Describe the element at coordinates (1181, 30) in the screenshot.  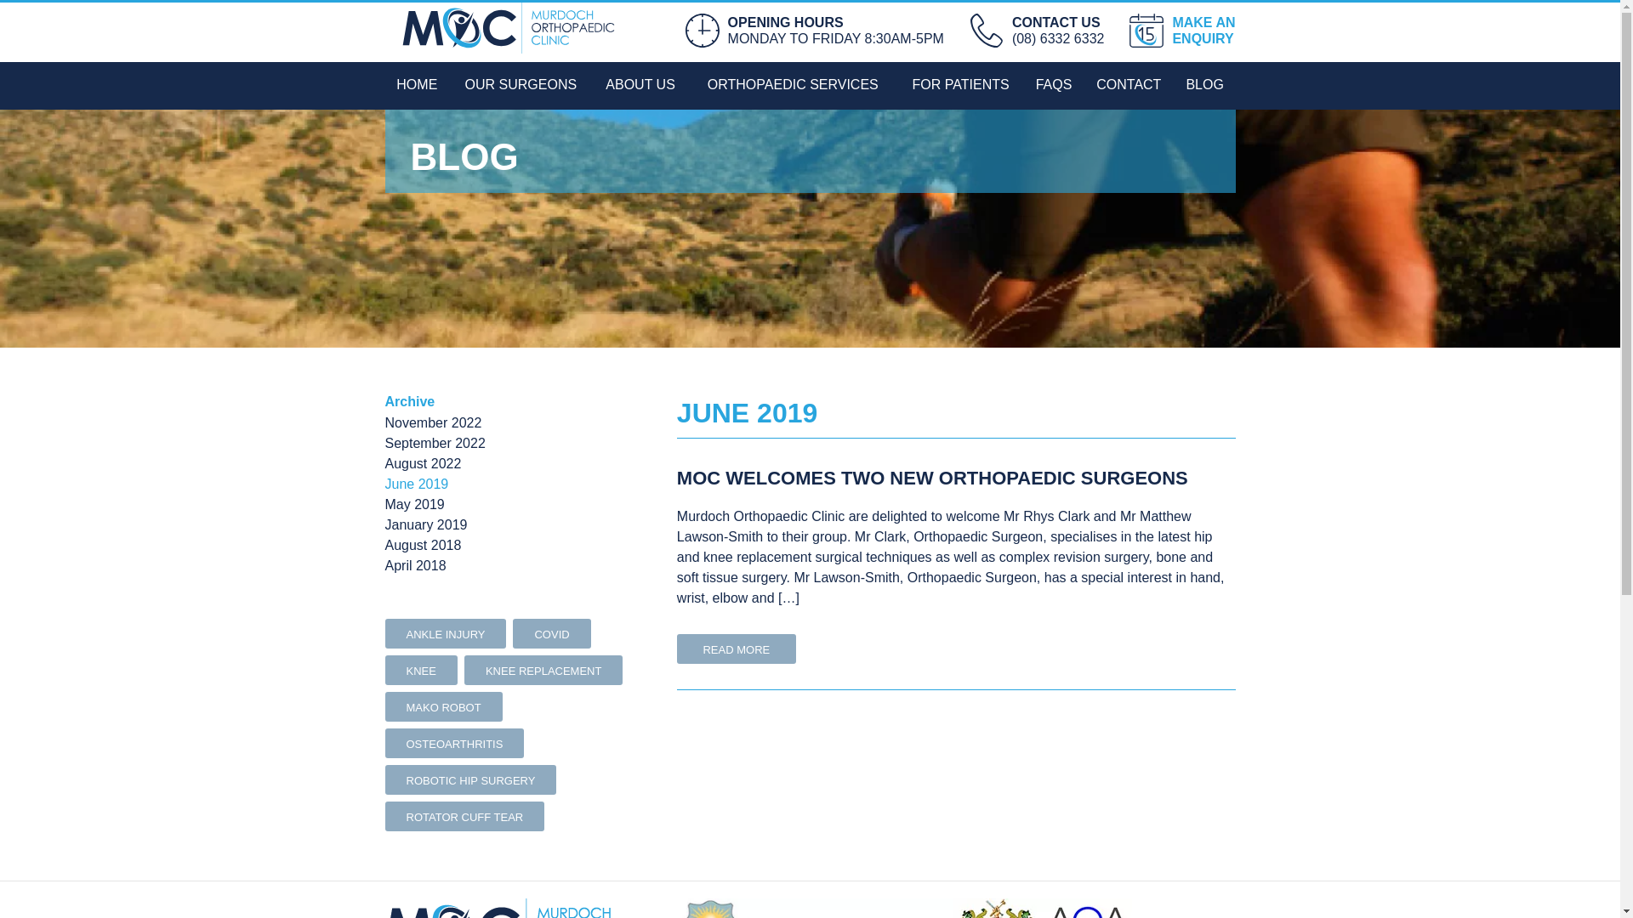
I see `'MAKE AN` at that location.